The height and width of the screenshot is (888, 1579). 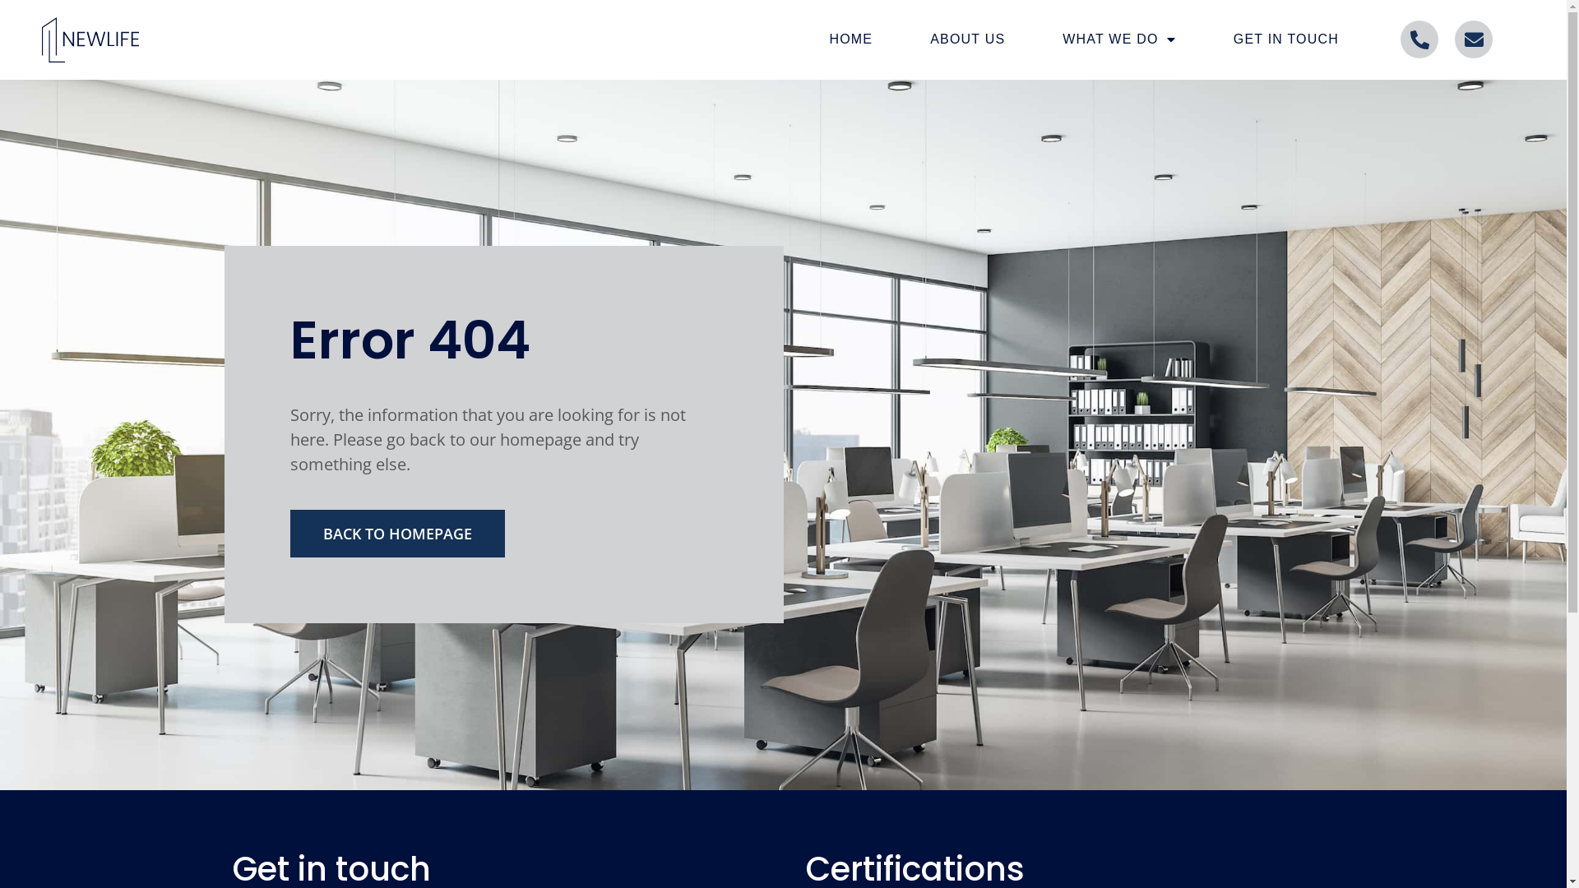 What do you see at coordinates (850, 38) in the screenshot?
I see `'HOME'` at bounding box center [850, 38].